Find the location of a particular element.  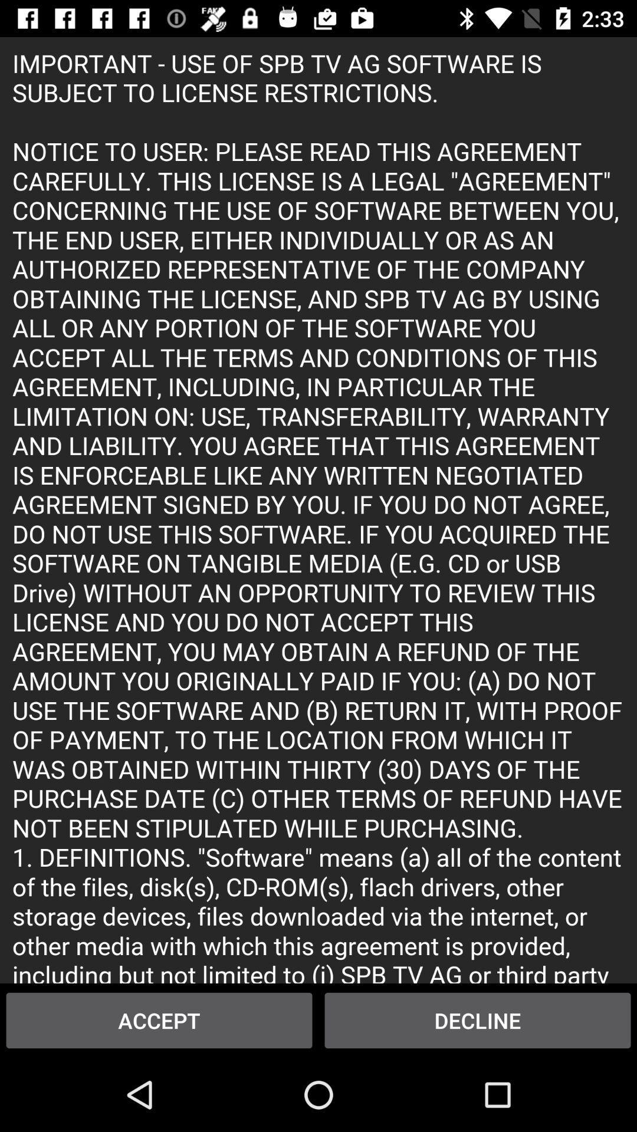

item next to accept is located at coordinates (478, 1020).